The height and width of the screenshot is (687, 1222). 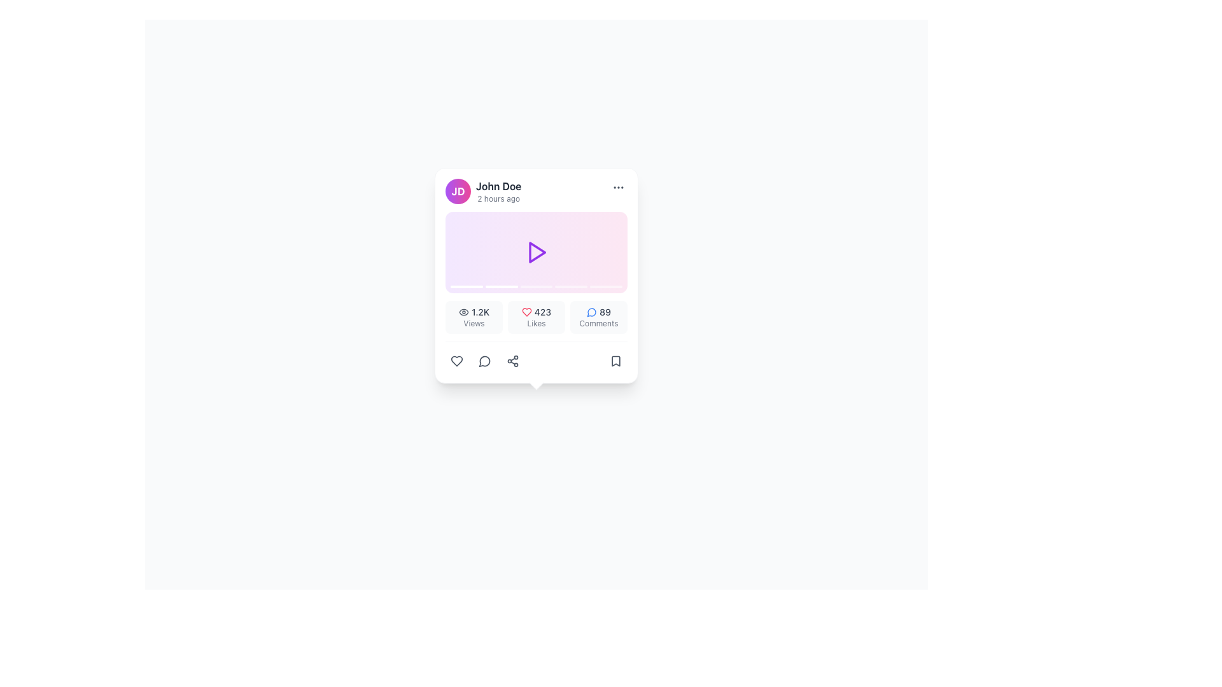 I want to click on the interactive media thumbnail, which is a rectangular block with a gradient background and a triangular play icon, so click(x=537, y=253).